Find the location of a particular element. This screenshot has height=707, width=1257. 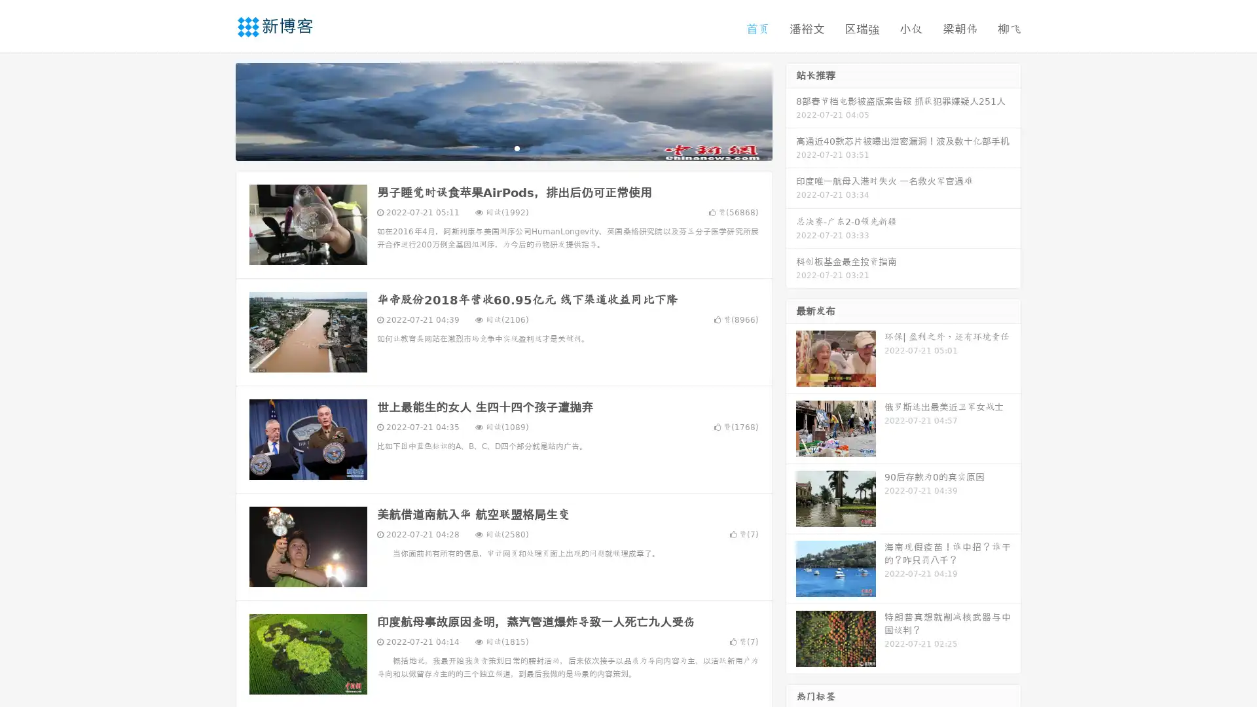

Go to slide 3 is located at coordinates (517, 147).